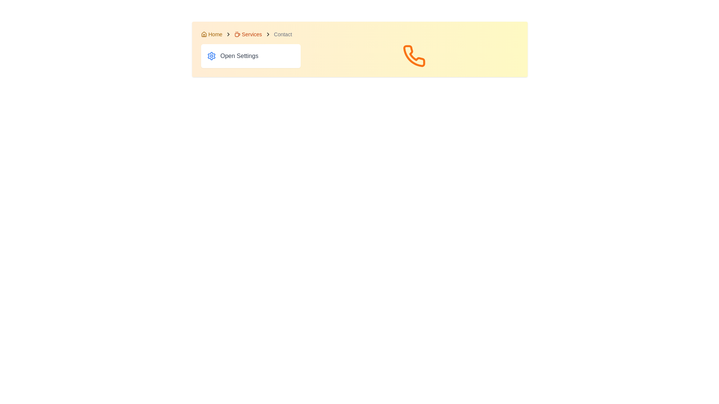 The image size is (719, 404). I want to click on the 'Services' navigation link located in the breadcrumb navigation bar, so click(248, 34).